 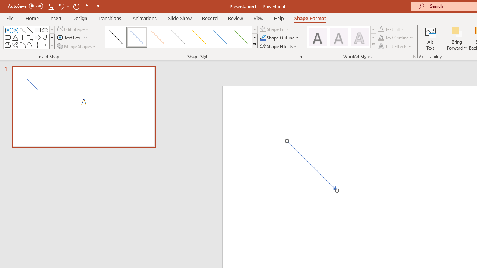 What do you see at coordinates (69, 38) in the screenshot?
I see `'Draw Horizontal Text Box'` at bounding box center [69, 38].